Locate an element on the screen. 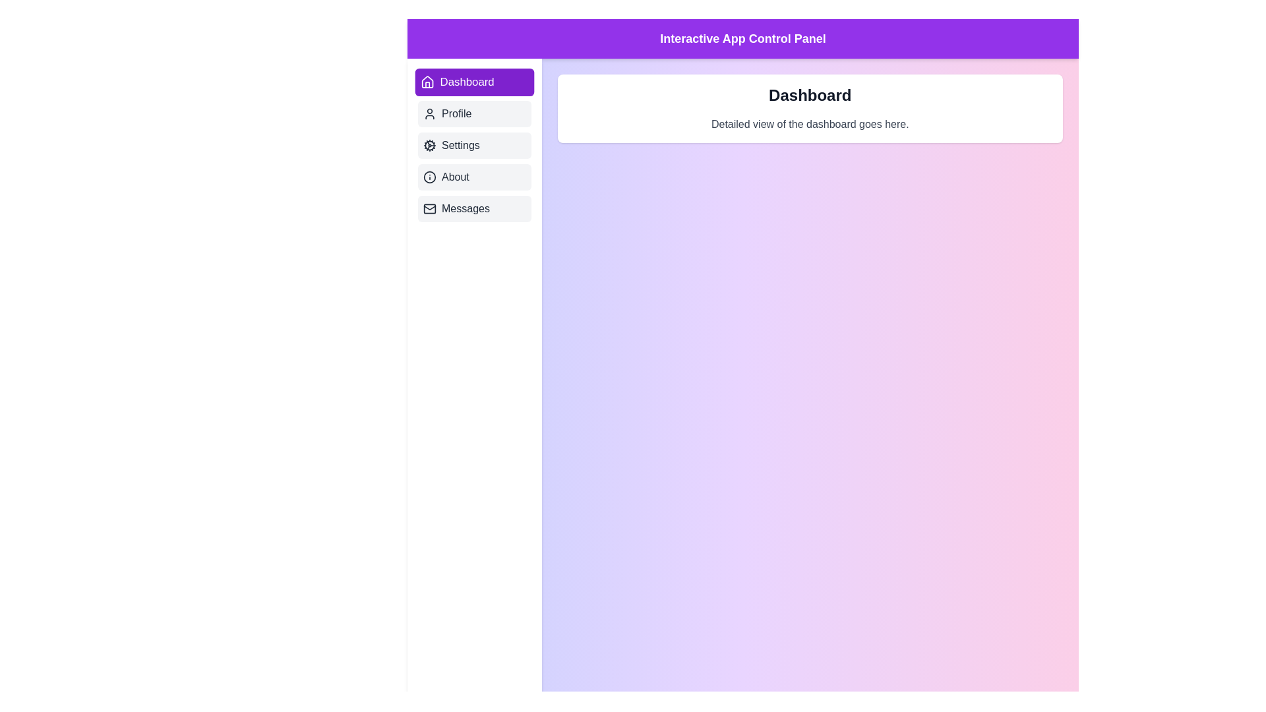  the tab labeled Dashboard to display its content is located at coordinates (474, 82).